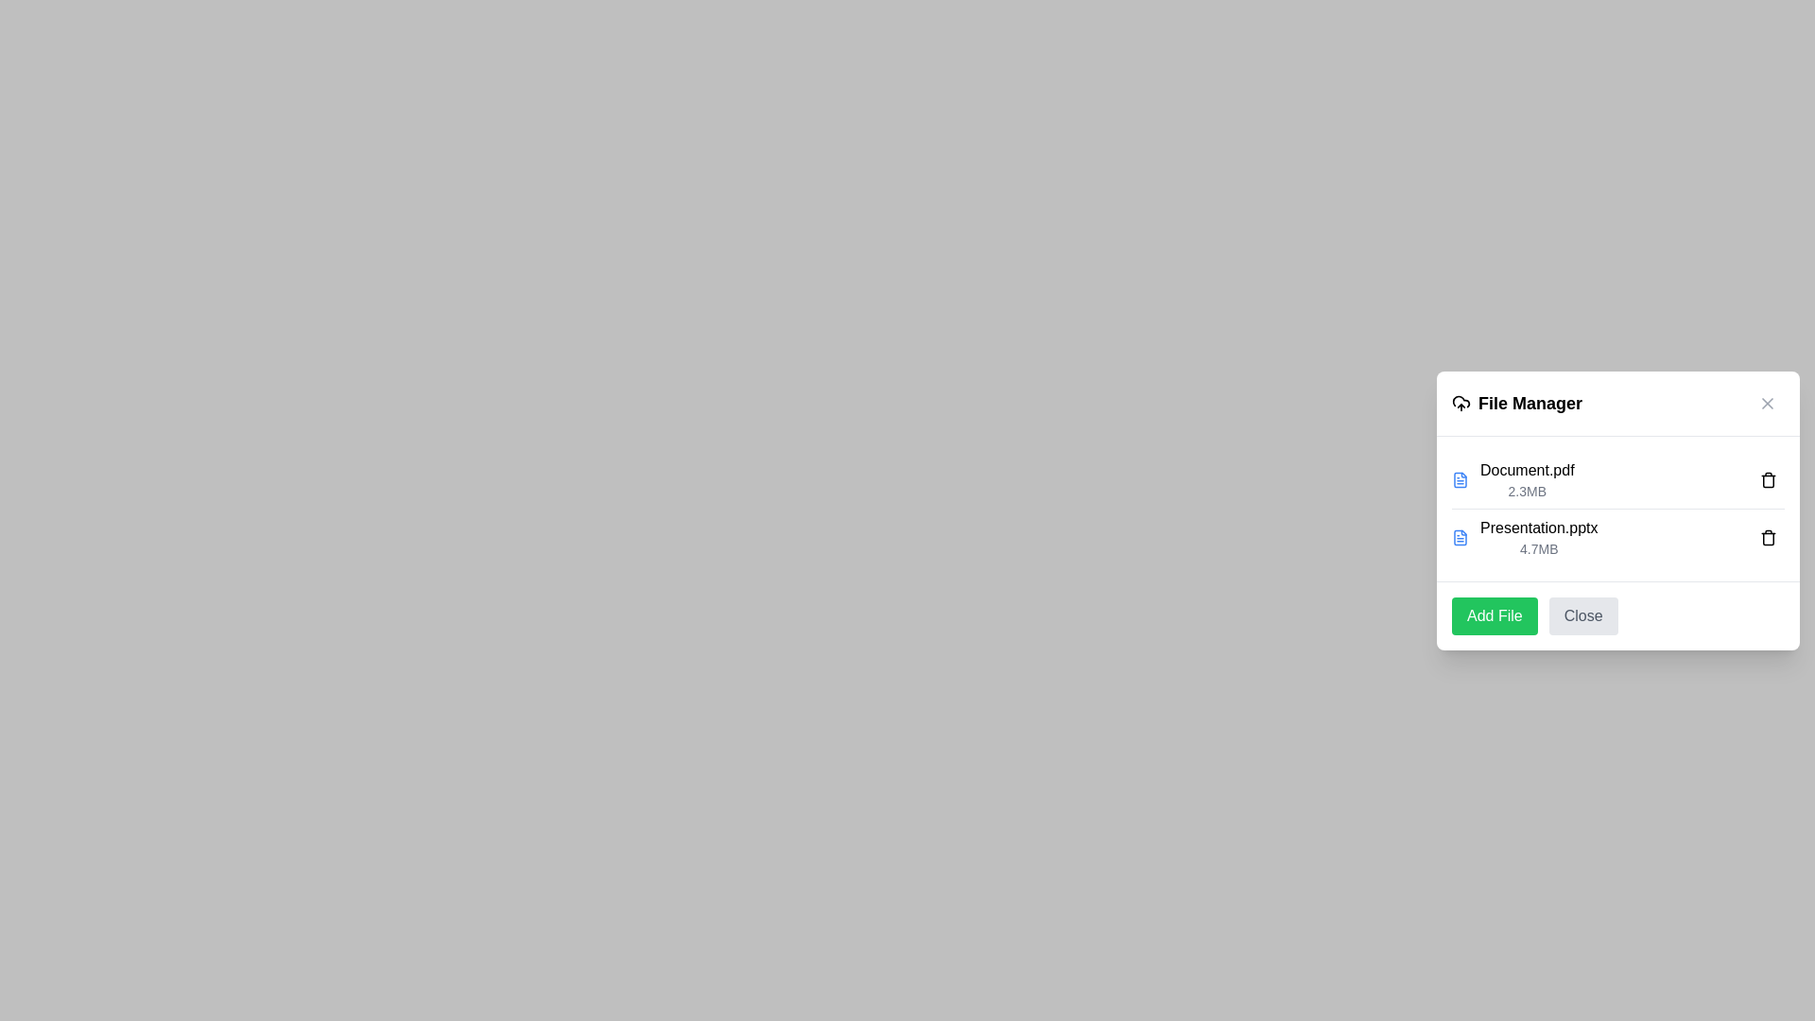 The image size is (1815, 1021). What do you see at coordinates (1768, 478) in the screenshot?
I see `the trash can icon button located at the far right end of a file item row in the file manager modal` at bounding box center [1768, 478].